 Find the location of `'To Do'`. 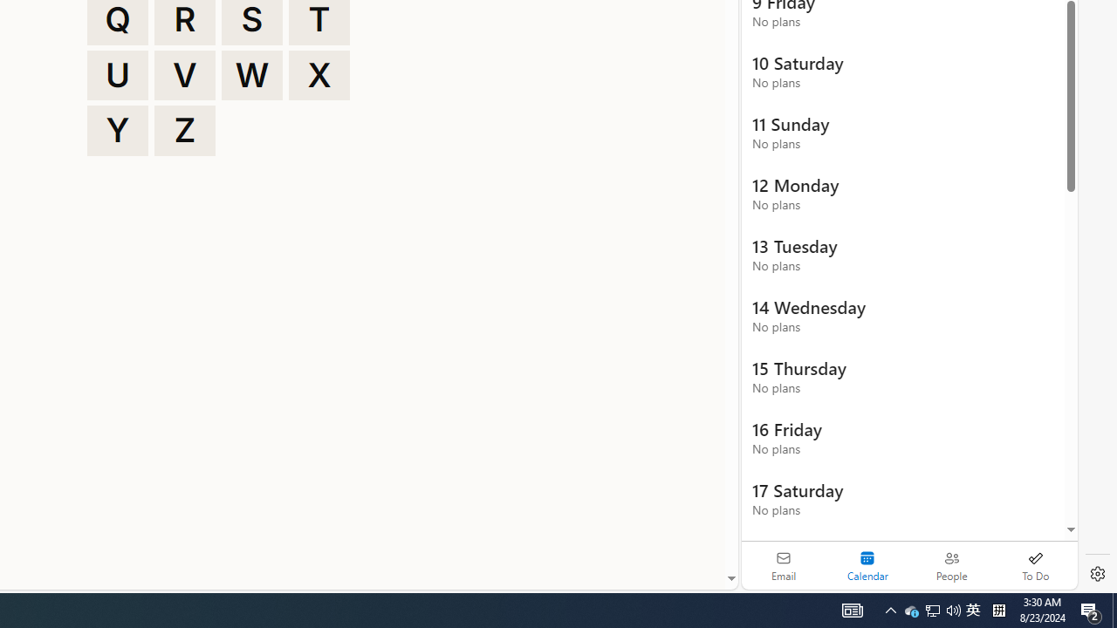

'To Do' is located at coordinates (1035, 565).